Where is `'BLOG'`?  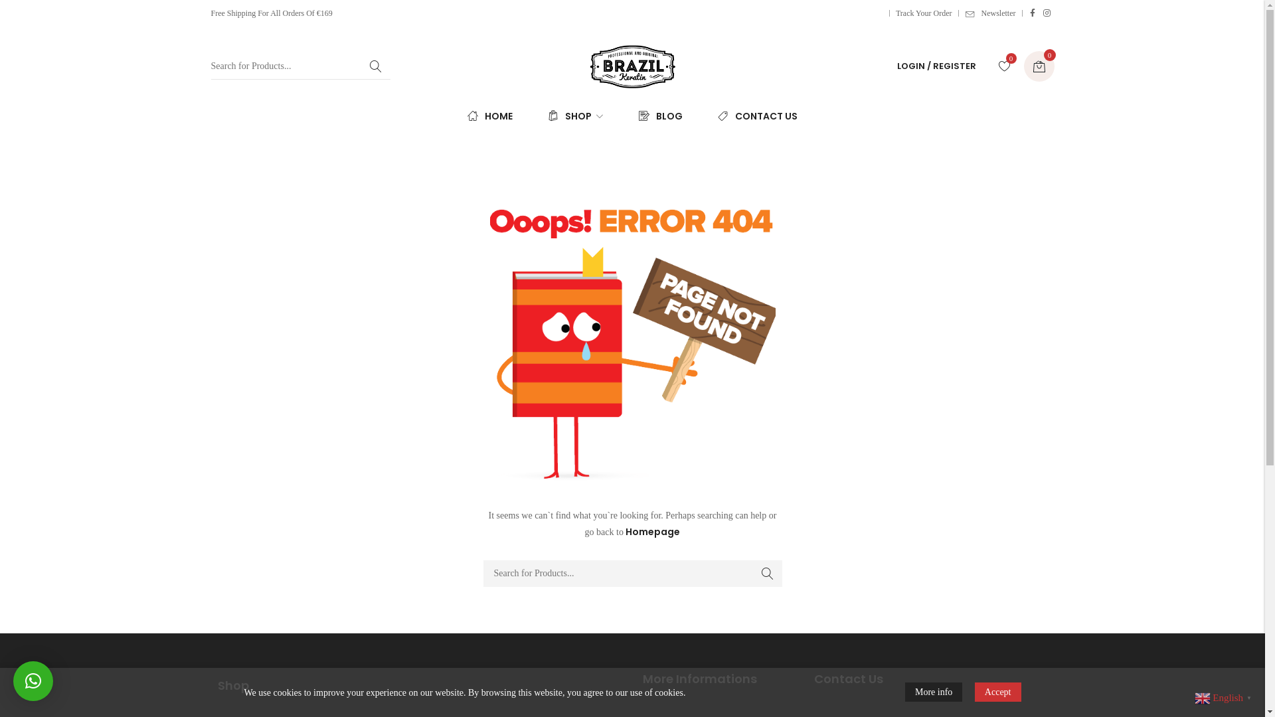
'BLOG' is located at coordinates (660, 115).